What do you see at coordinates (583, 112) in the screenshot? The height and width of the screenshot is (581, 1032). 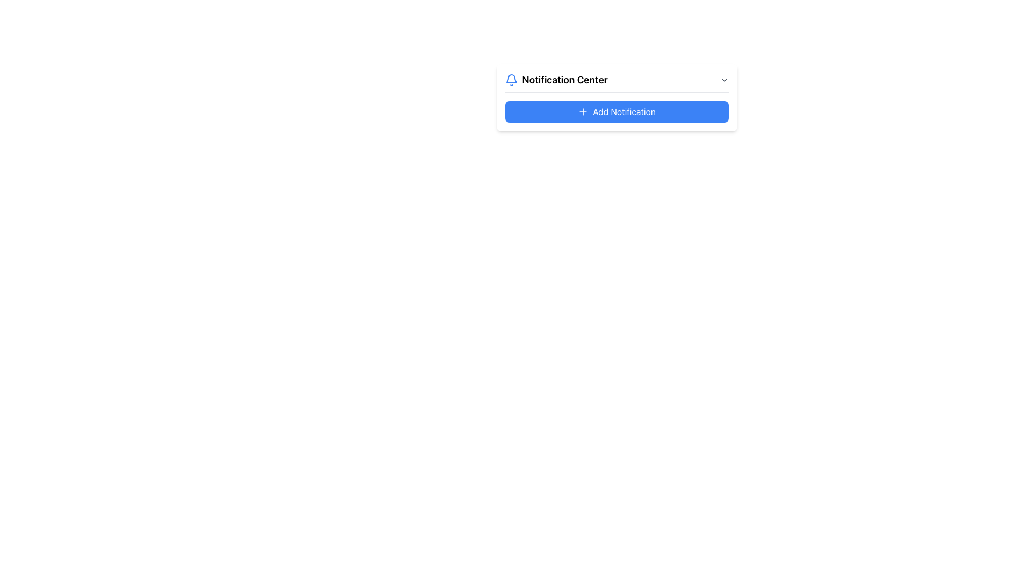 I see `the blue-highlighted plus icon located to the left of the 'Add Notification' button, centered vertically within the button` at bounding box center [583, 112].